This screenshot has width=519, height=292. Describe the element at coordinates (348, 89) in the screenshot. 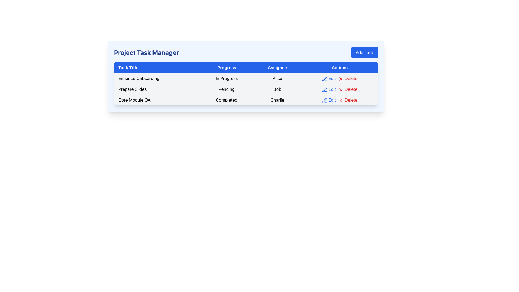

I see `the 'Delete' button, which is the second button in the 'Actions' column of the table, rendered in red with a red 'X' icon` at that location.